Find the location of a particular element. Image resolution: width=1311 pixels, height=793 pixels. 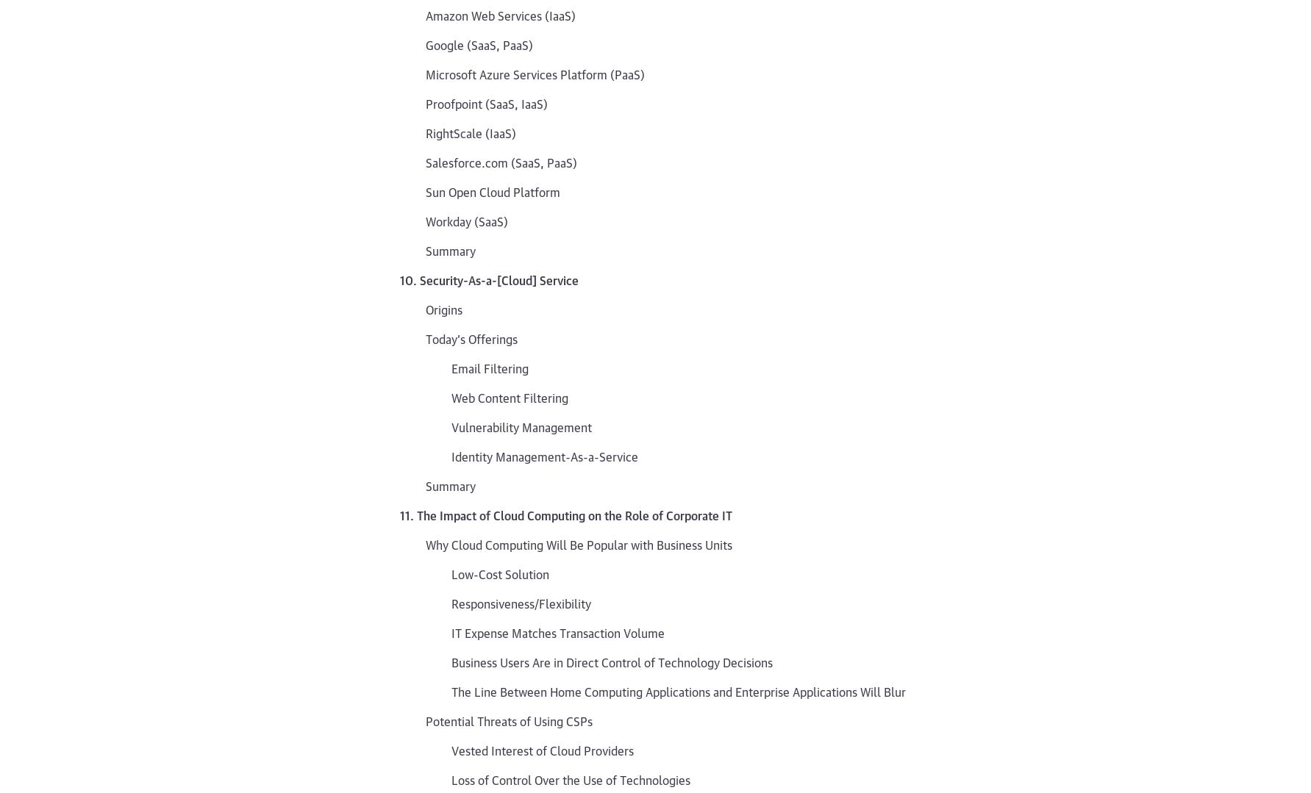

'Microsoft Azure Services Platform (PaaS)' is located at coordinates (534, 73).